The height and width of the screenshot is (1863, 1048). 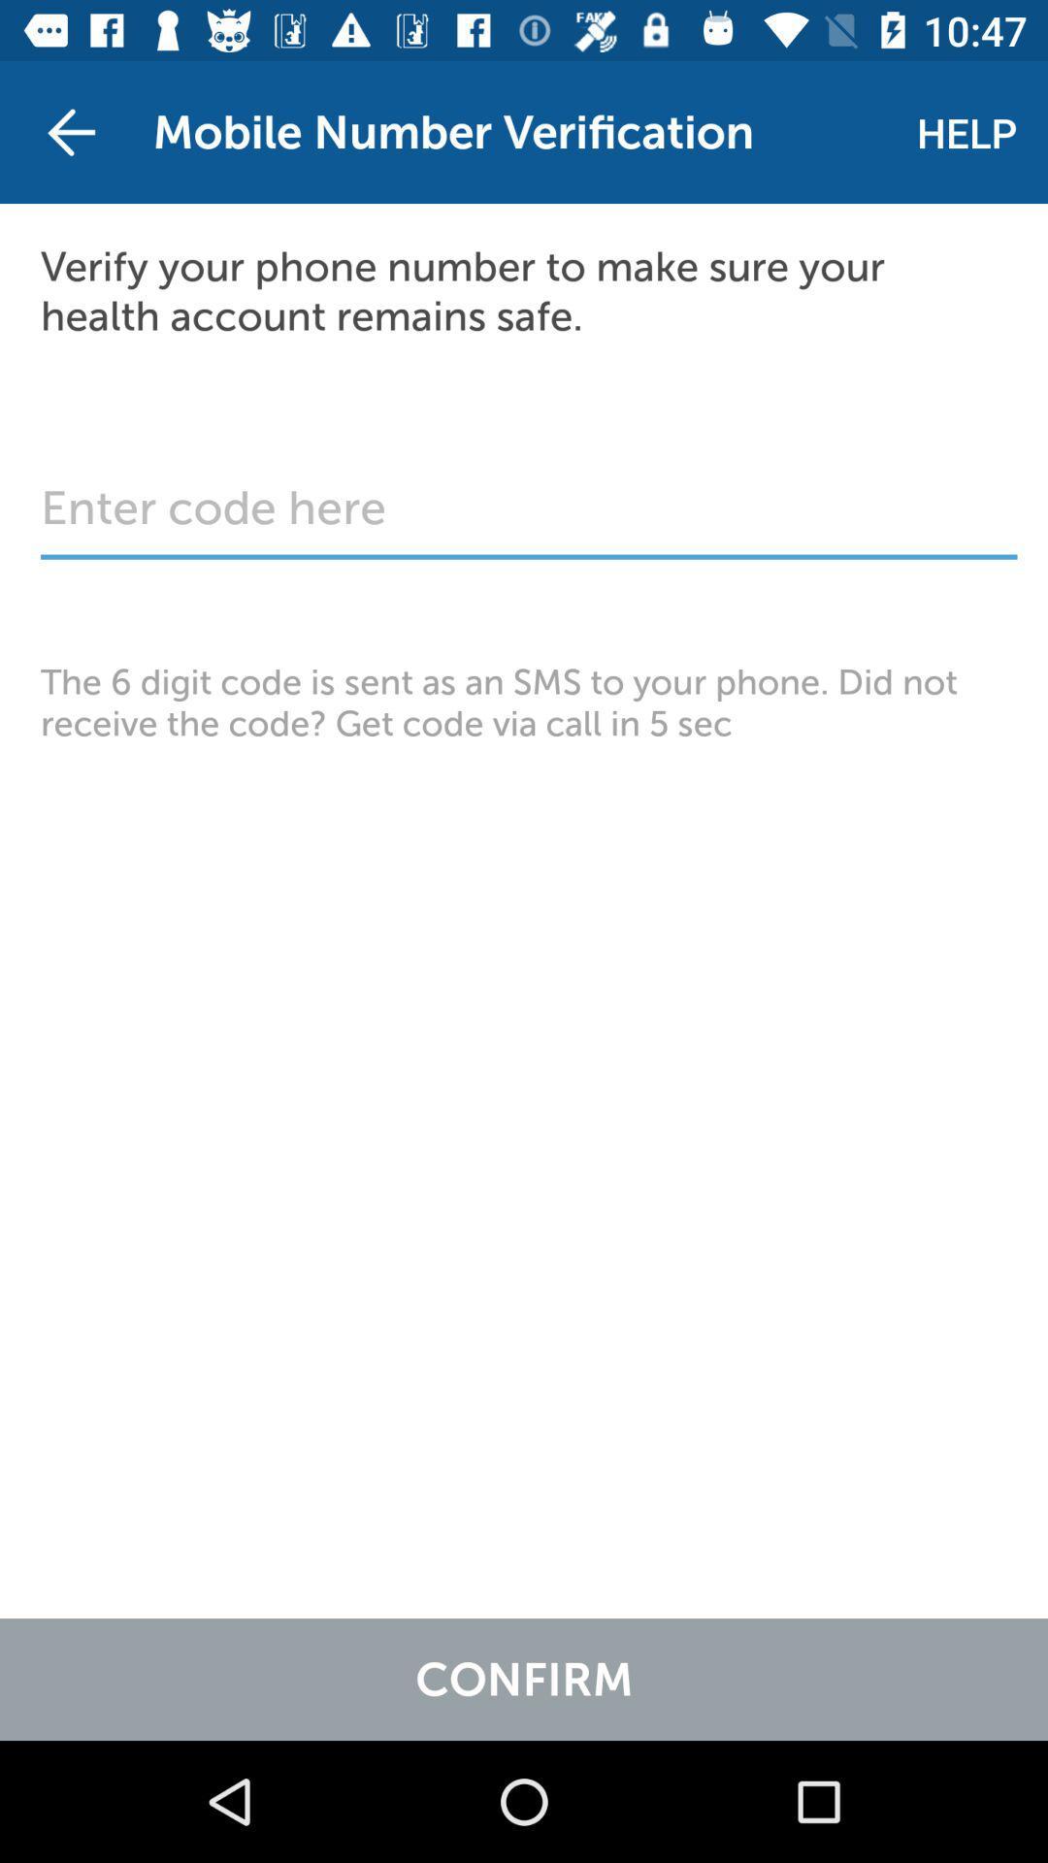 What do you see at coordinates (966, 131) in the screenshot?
I see `help at the top right corner` at bounding box center [966, 131].